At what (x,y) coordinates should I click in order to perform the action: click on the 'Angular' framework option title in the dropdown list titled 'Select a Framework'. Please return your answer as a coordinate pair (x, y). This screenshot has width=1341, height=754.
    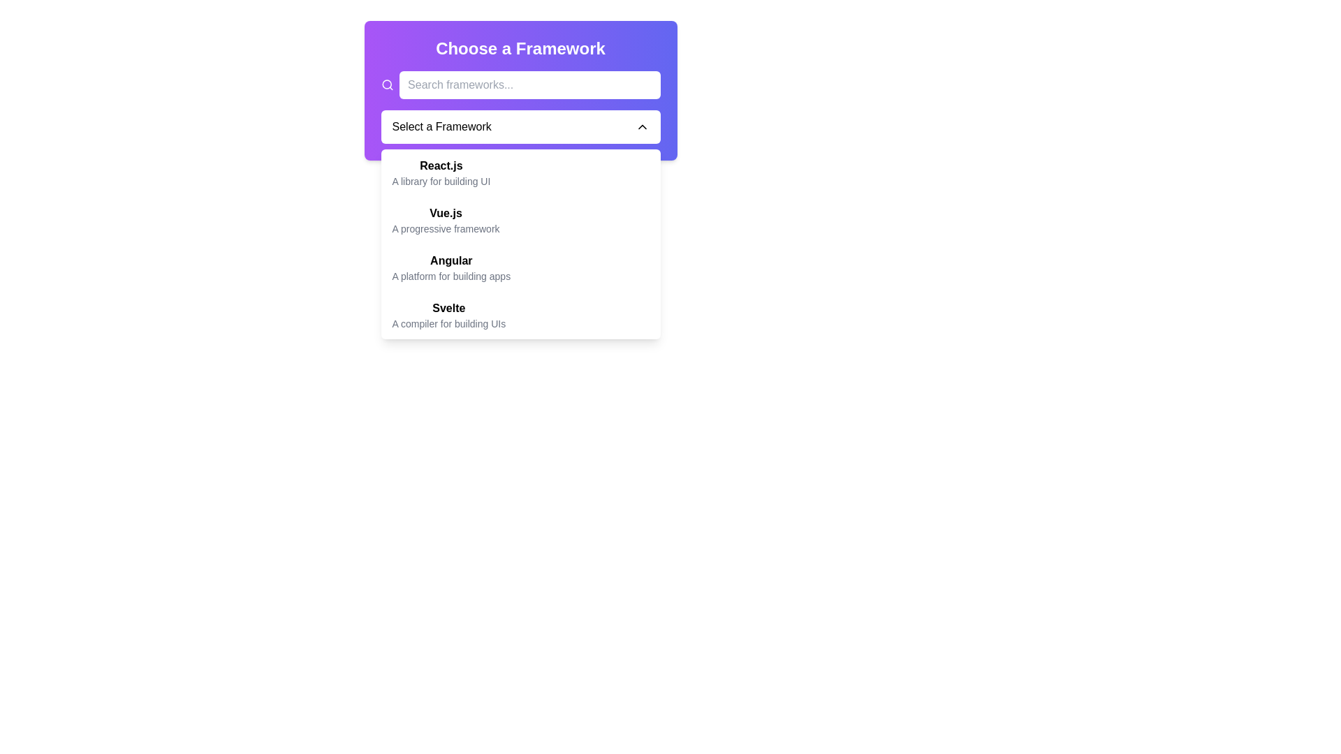
    Looking at the image, I should click on (451, 260).